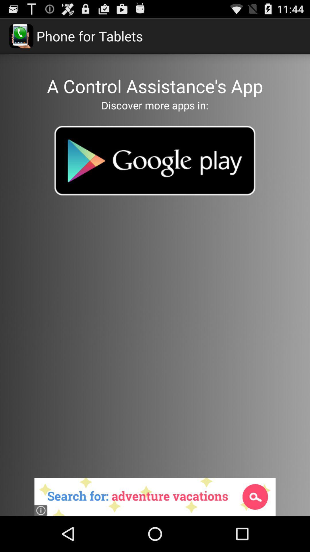 The image size is (310, 552). I want to click on icon below discover more apps item, so click(154, 160).